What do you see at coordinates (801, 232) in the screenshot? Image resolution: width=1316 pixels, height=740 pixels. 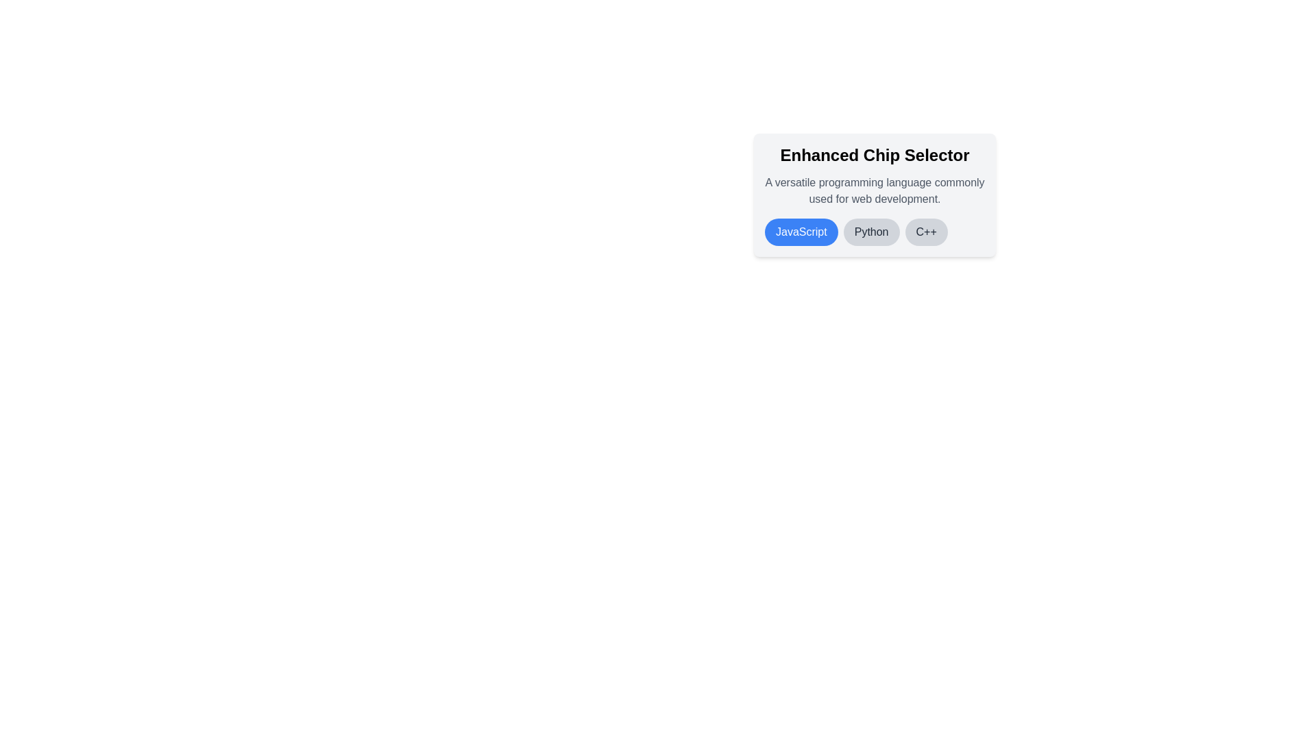 I see `the chip labeled JavaScript to select it and view its details` at bounding box center [801, 232].